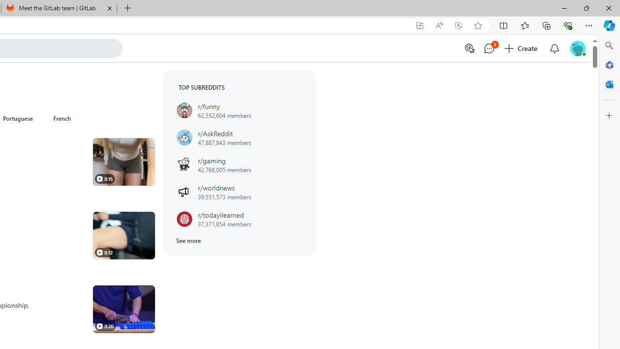 The image size is (620, 349). I want to click on 'App available. Install Reddit', so click(420, 25).